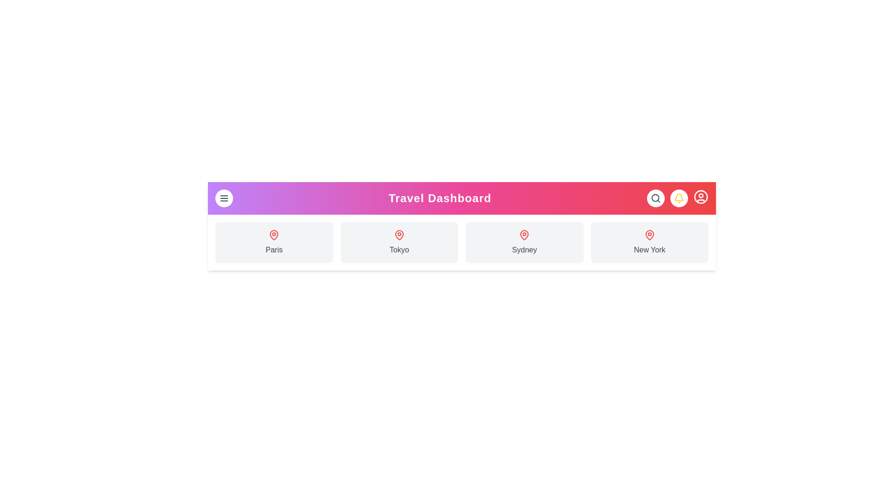 The height and width of the screenshot is (503, 895). Describe the element at coordinates (399, 242) in the screenshot. I see `the city card for Tokyo to view its details` at that location.